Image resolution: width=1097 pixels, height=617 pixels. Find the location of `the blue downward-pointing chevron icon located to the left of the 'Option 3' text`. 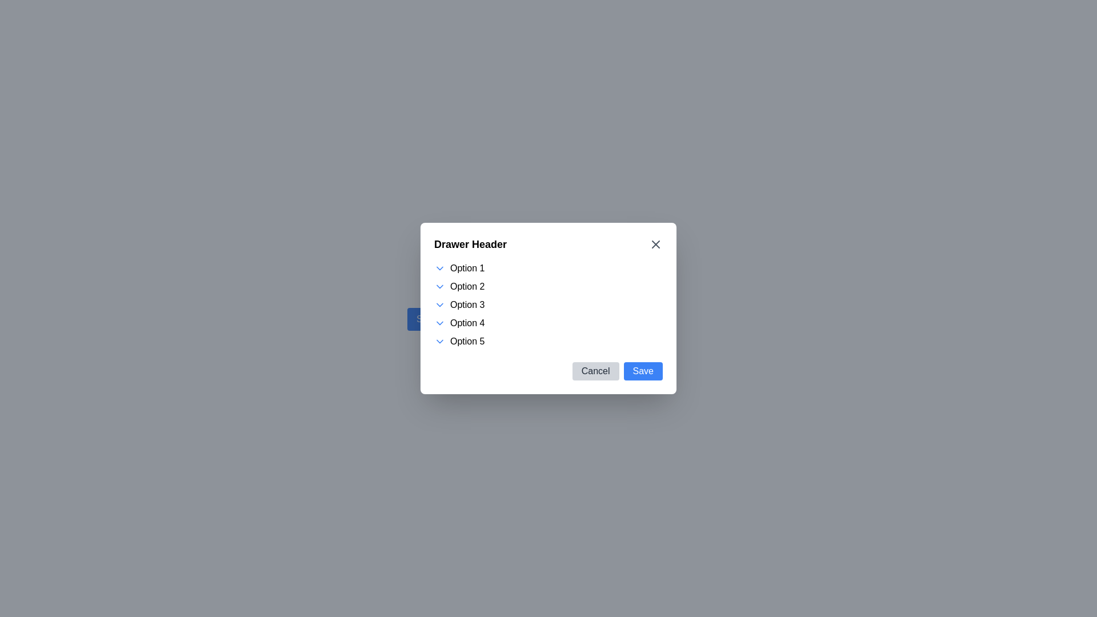

the blue downward-pointing chevron icon located to the left of the 'Option 3' text is located at coordinates (439, 304).